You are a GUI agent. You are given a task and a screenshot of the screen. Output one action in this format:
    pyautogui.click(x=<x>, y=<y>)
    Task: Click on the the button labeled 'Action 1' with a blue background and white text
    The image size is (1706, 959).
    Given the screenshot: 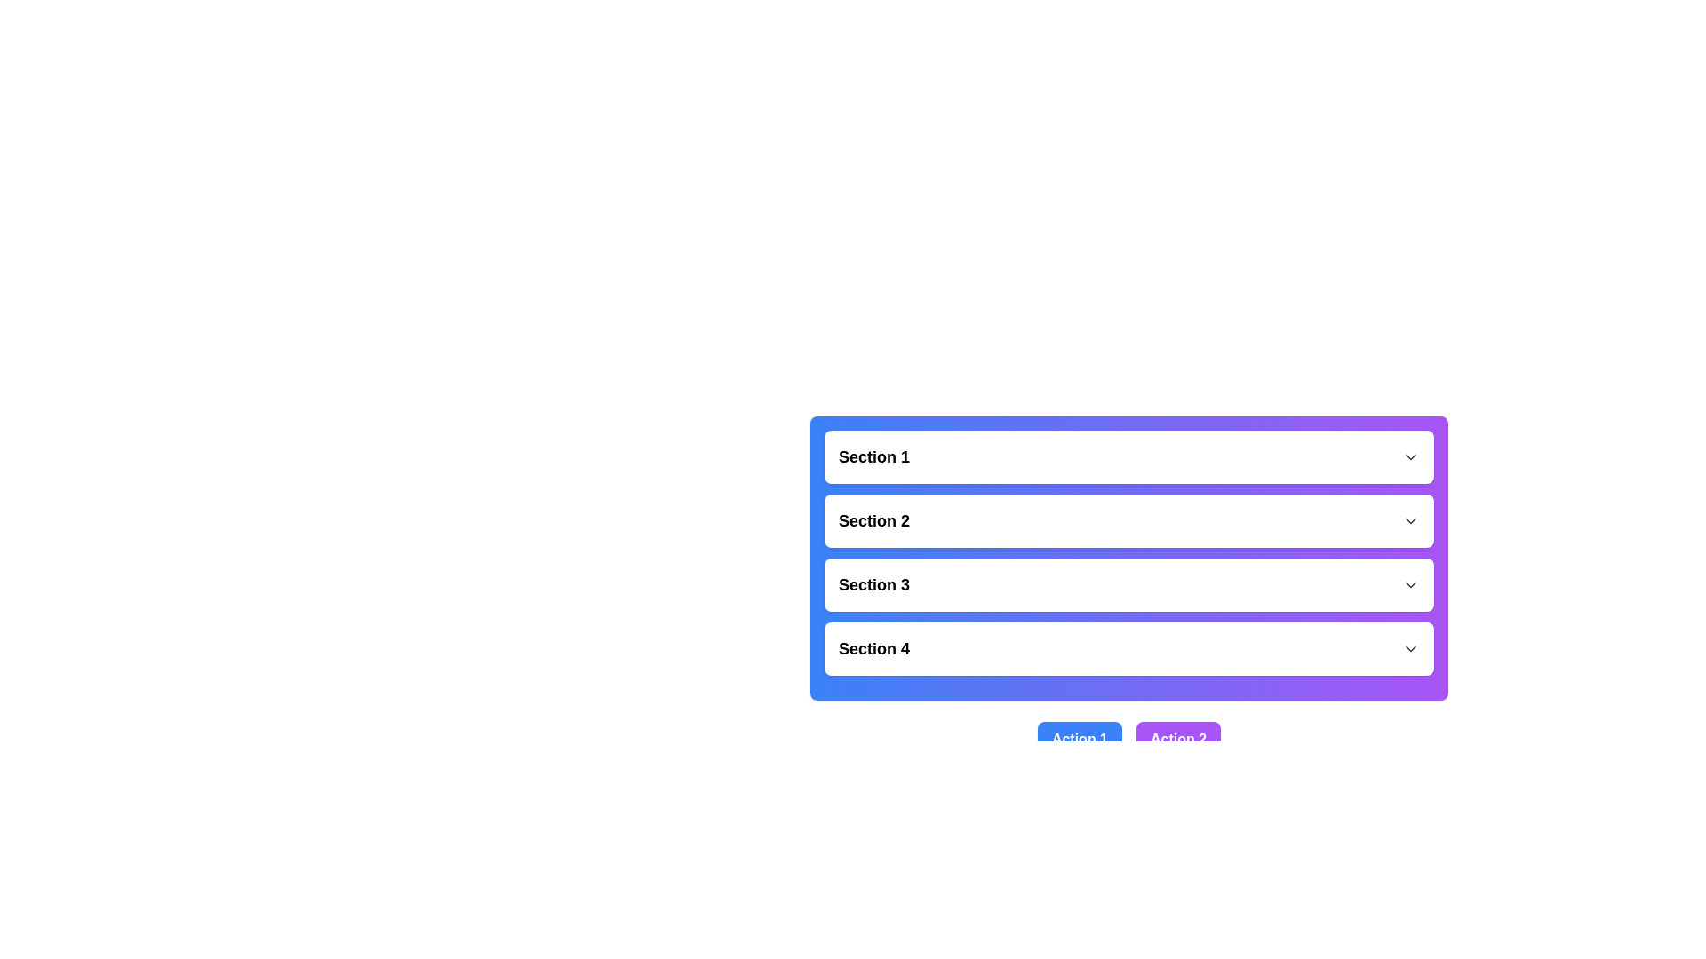 What is the action you would take?
    pyautogui.click(x=1079, y=740)
    